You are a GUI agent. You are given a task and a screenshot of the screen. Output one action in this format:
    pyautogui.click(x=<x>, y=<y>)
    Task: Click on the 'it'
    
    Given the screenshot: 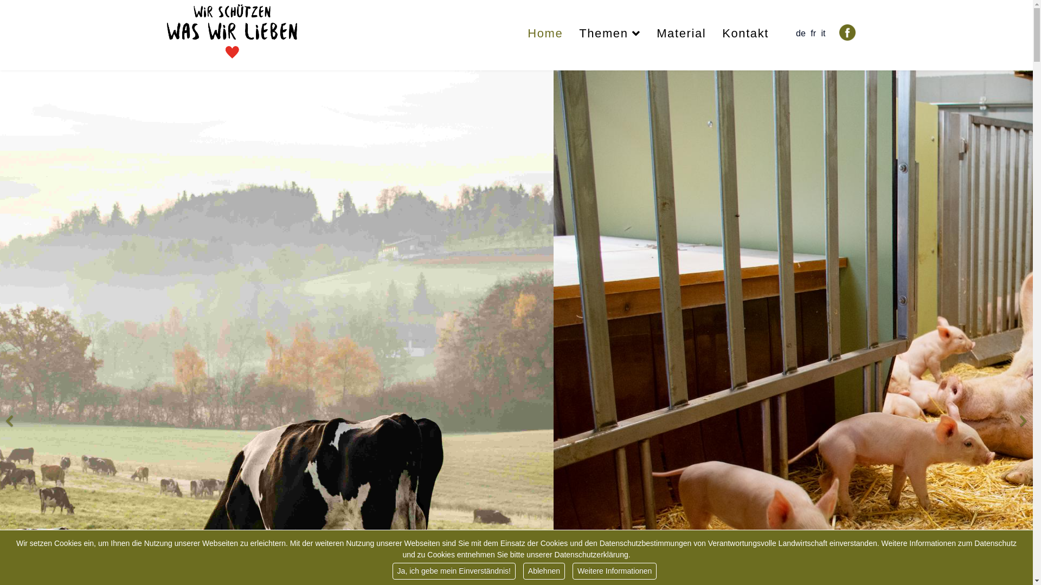 What is the action you would take?
    pyautogui.click(x=820, y=32)
    